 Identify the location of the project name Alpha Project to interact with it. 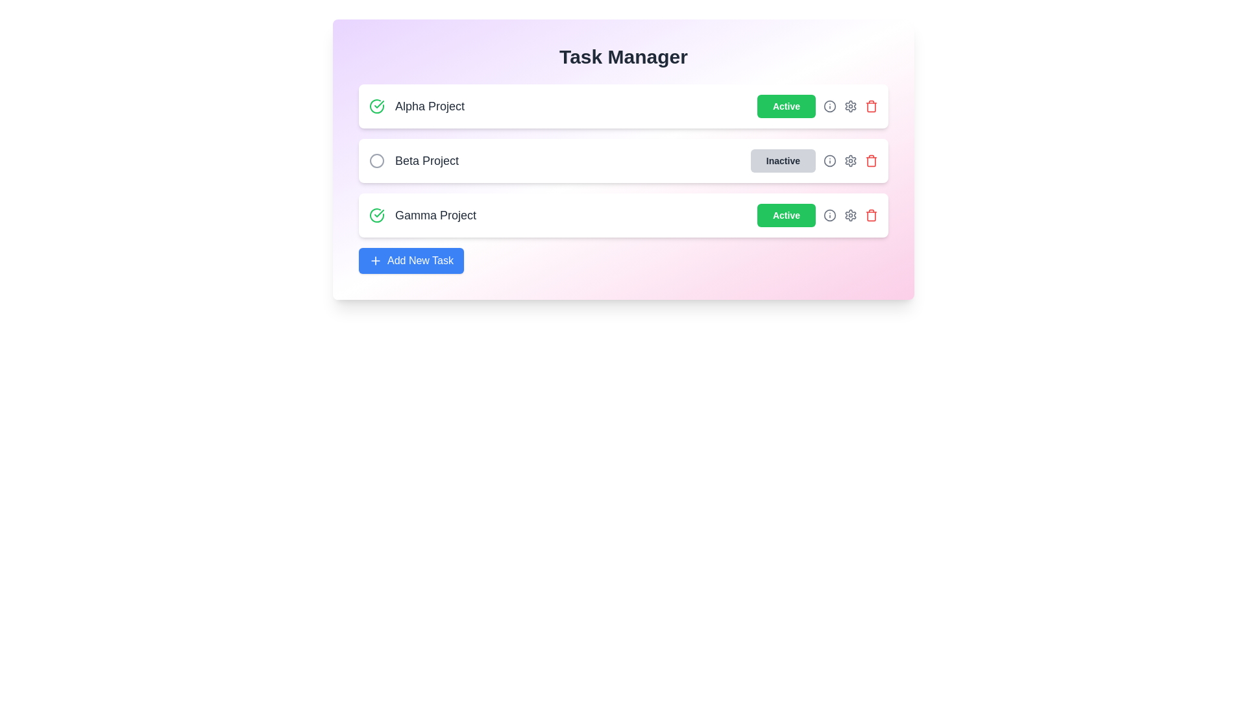
(417, 106).